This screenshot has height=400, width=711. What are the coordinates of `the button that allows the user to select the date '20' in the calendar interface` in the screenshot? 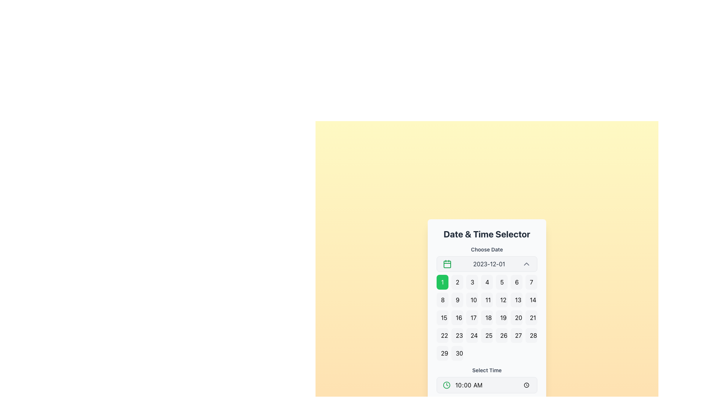 It's located at (516, 317).